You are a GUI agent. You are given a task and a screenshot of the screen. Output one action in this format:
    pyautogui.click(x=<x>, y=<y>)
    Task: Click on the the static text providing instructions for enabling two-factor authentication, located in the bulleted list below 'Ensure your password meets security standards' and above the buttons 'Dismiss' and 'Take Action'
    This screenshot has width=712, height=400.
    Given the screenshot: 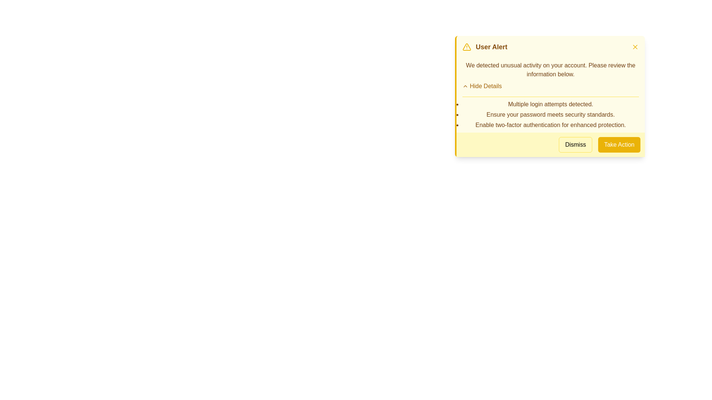 What is the action you would take?
    pyautogui.click(x=550, y=125)
    